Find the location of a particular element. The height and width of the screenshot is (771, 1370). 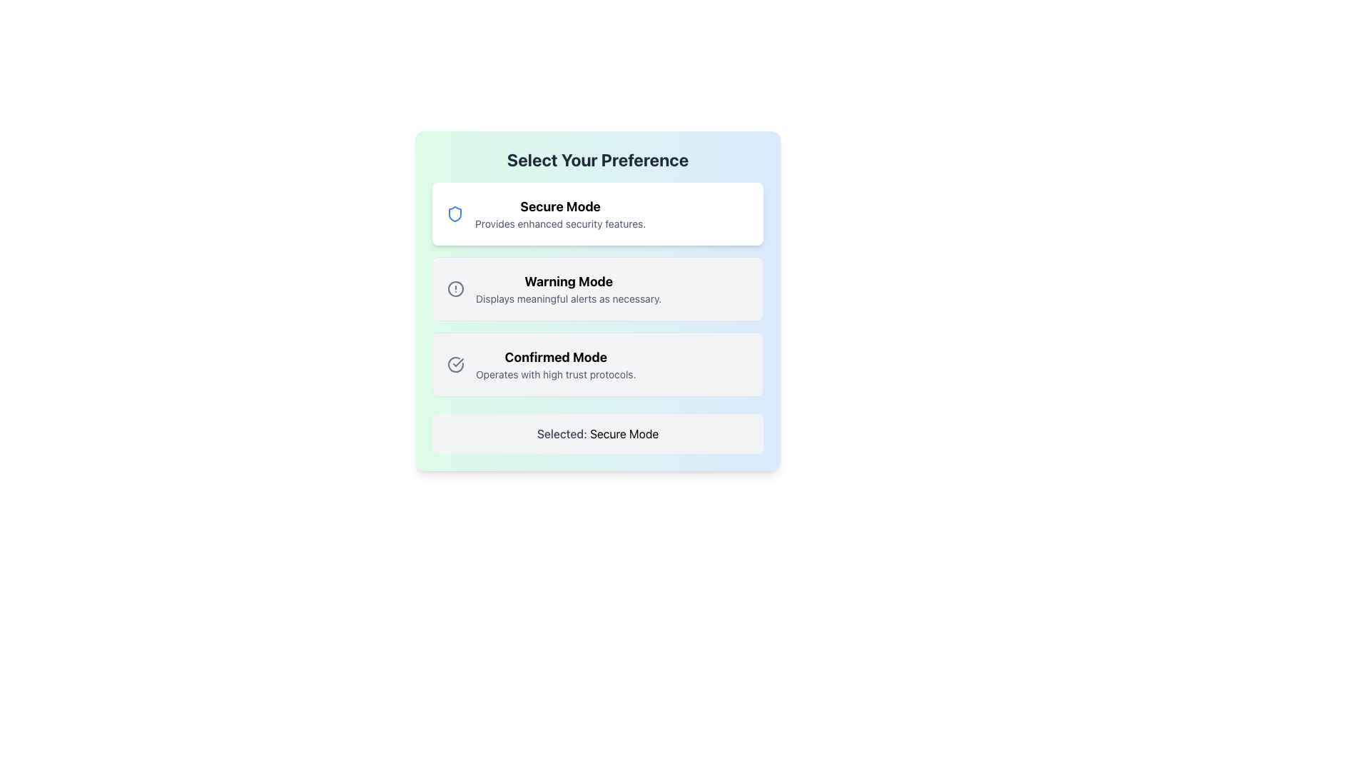

descriptive subtitle text label providing additional context about the 'Secure Mode' option, which is centrally aligned below the 'Secure Mode' heading in the topmost option box of the preference selection interface is located at coordinates (559, 223).